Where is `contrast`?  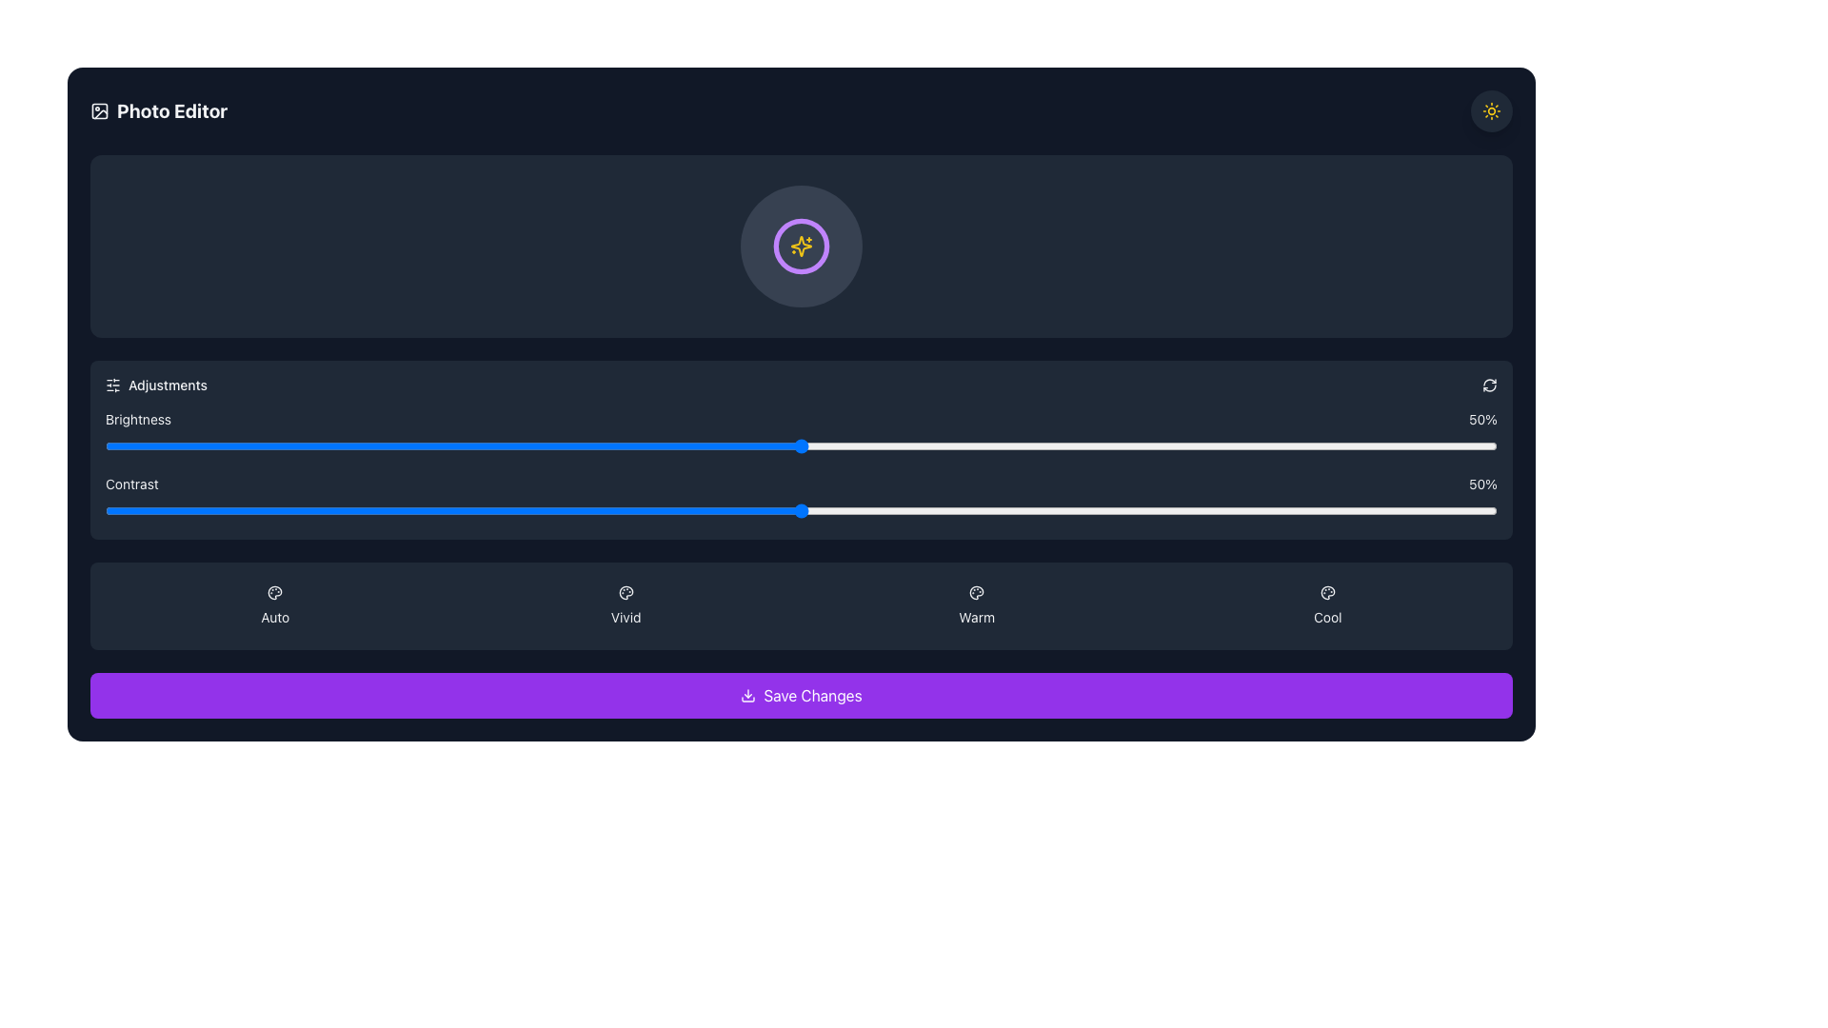
contrast is located at coordinates (452, 446).